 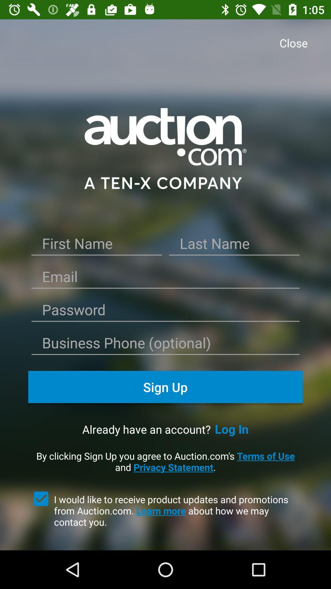 What do you see at coordinates (232, 429) in the screenshot?
I see `the item below sign up icon` at bounding box center [232, 429].